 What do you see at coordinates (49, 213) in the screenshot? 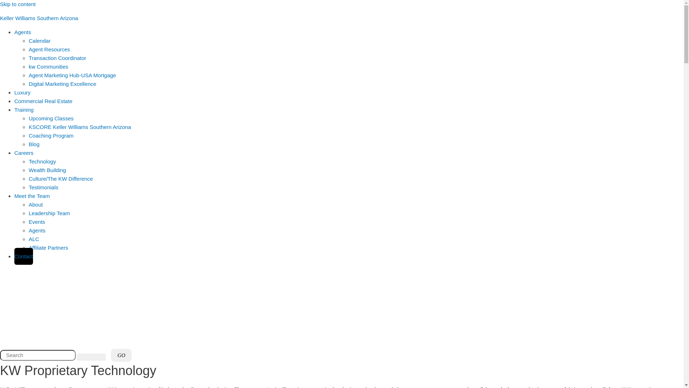
I see `'Leadership Team'` at bounding box center [49, 213].